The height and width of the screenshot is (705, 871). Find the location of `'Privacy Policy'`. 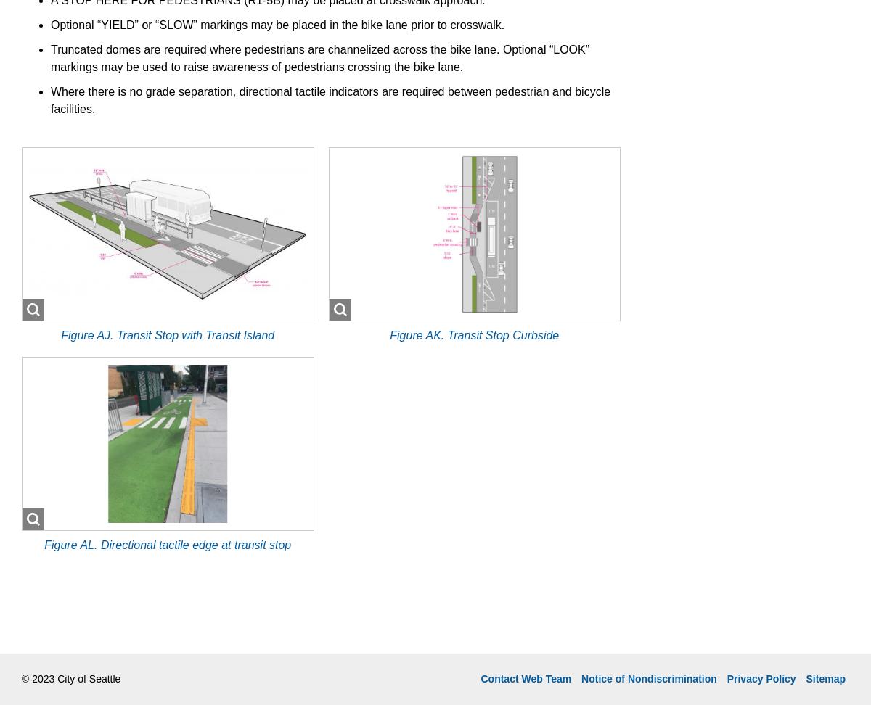

'Privacy Policy' is located at coordinates (761, 677).